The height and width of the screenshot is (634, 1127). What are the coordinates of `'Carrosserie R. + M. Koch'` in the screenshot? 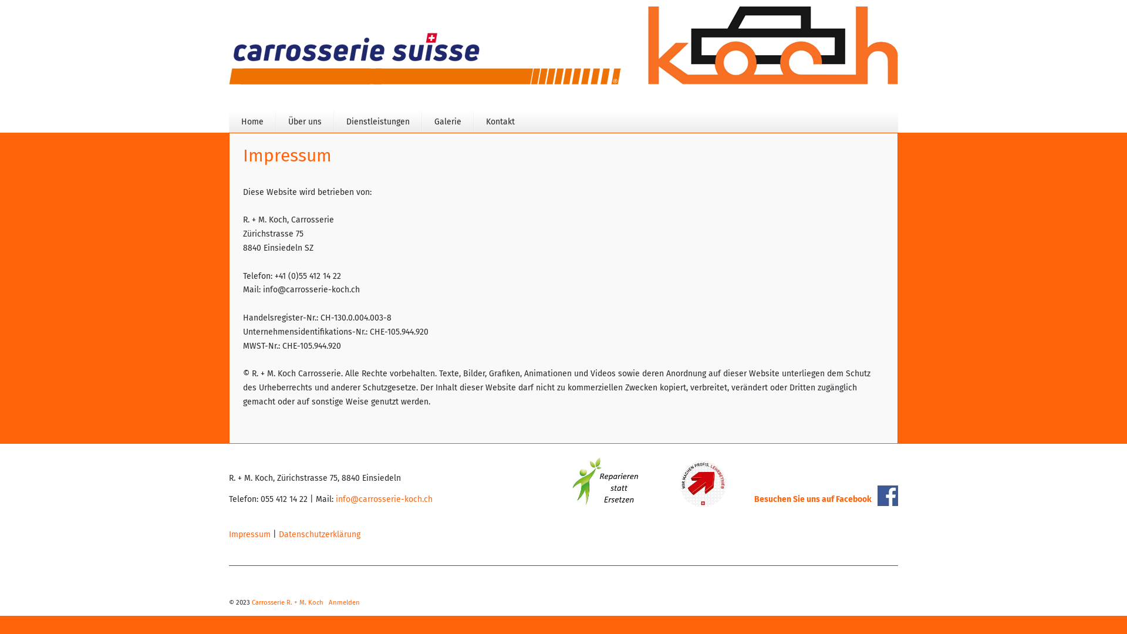 It's located at (287, 602).